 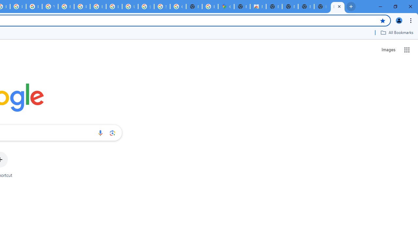 What do you see at coordinates (388, 50) in the screenshot?
I see `'Search for Images '` at bounding box center [388, 50].